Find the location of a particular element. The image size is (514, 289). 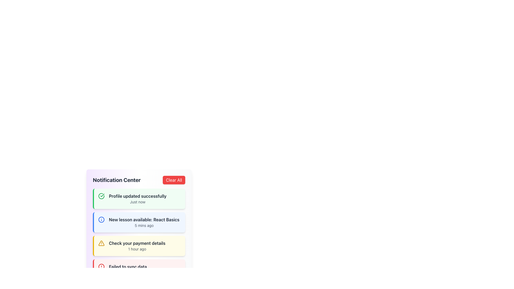

message from the Text block with a notification style located in the first notification card in the notifications list is located at coordinates (138, 199).